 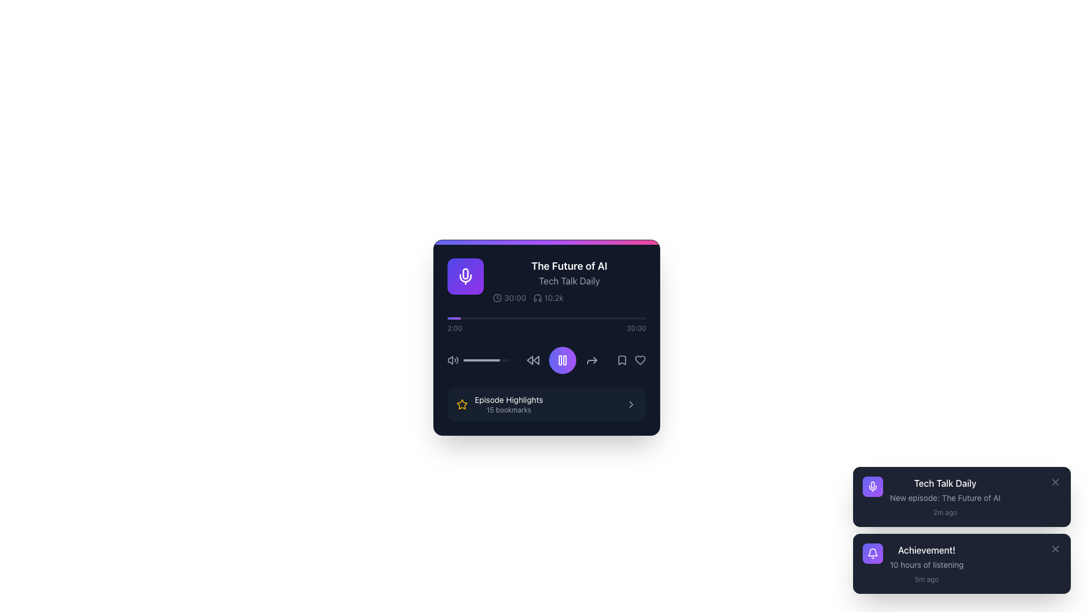 What do you see at coordinates (504, 360) in the screenshot?
I see `the progress bar` at bounding box center [504, 360].